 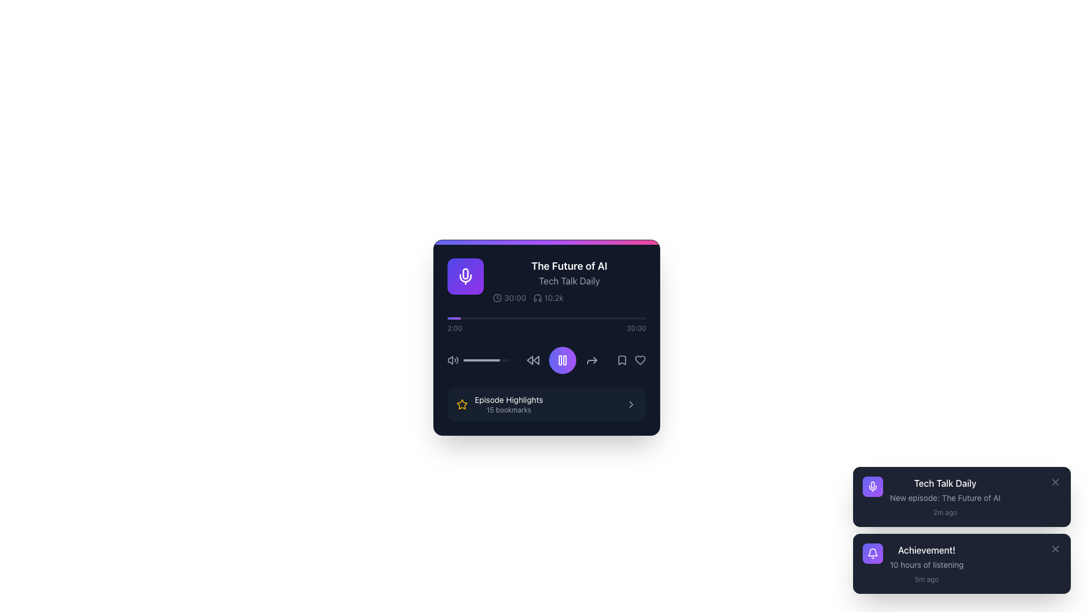 What do you see at coordinates (504, 360) in the screenshot?
I see `the progress bar` at bounding box center [504, 360].